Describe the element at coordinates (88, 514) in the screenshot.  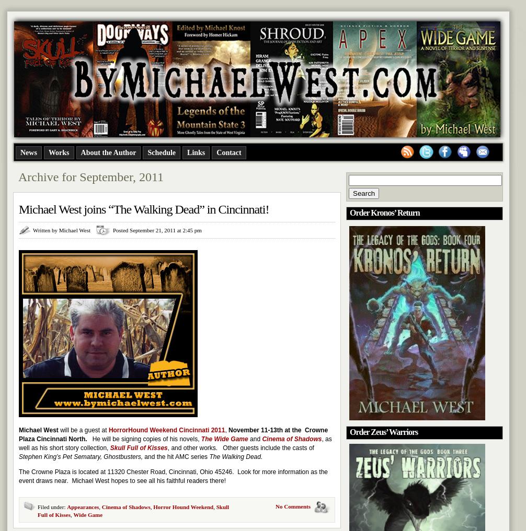
I see `'Wide Game'` at that location.